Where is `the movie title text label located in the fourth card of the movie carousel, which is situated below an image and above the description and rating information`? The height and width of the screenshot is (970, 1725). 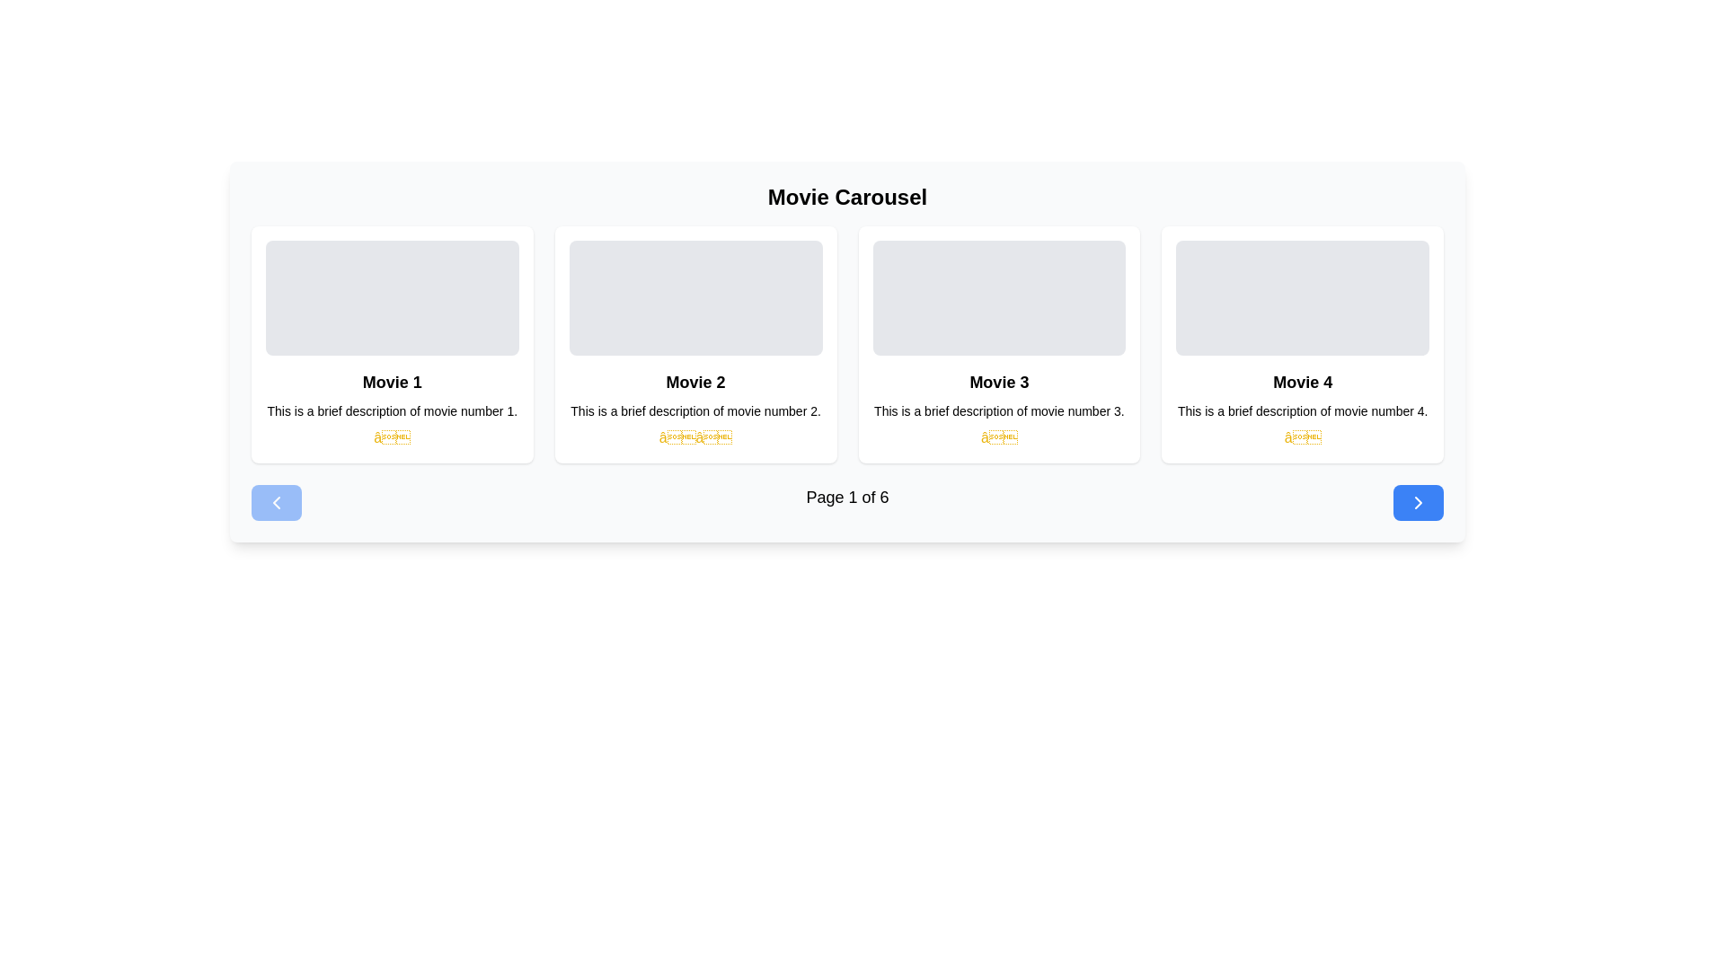 the movie title text label located in the fourth card of the movie carousel, which is situated below an image and above the description and rating information is located at coordinates (1303, 381).